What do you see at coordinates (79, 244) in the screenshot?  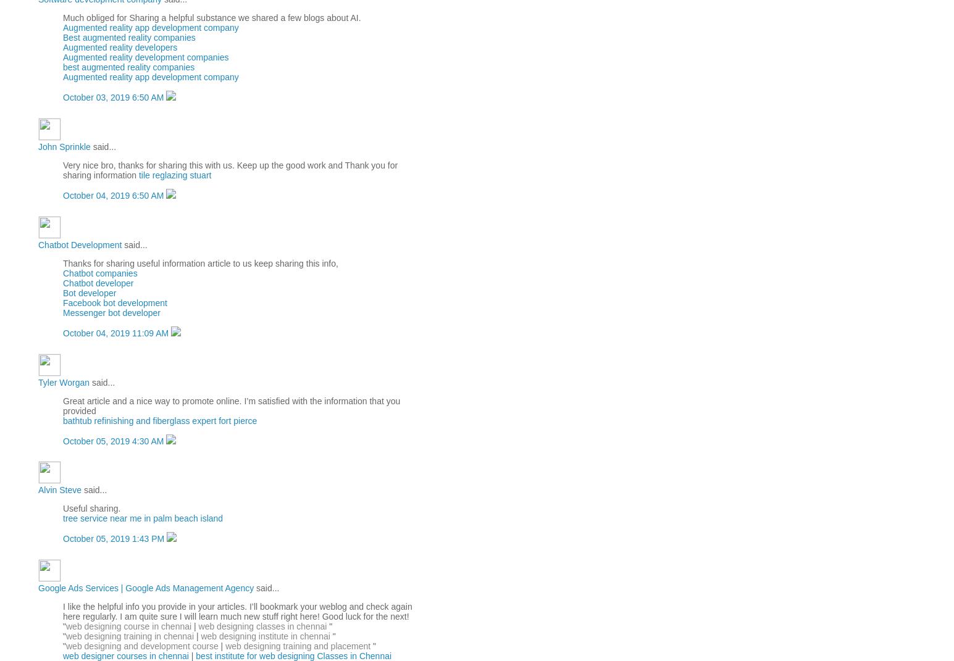 I see `'Chatbot Development'` at bounding box center [79, 244].